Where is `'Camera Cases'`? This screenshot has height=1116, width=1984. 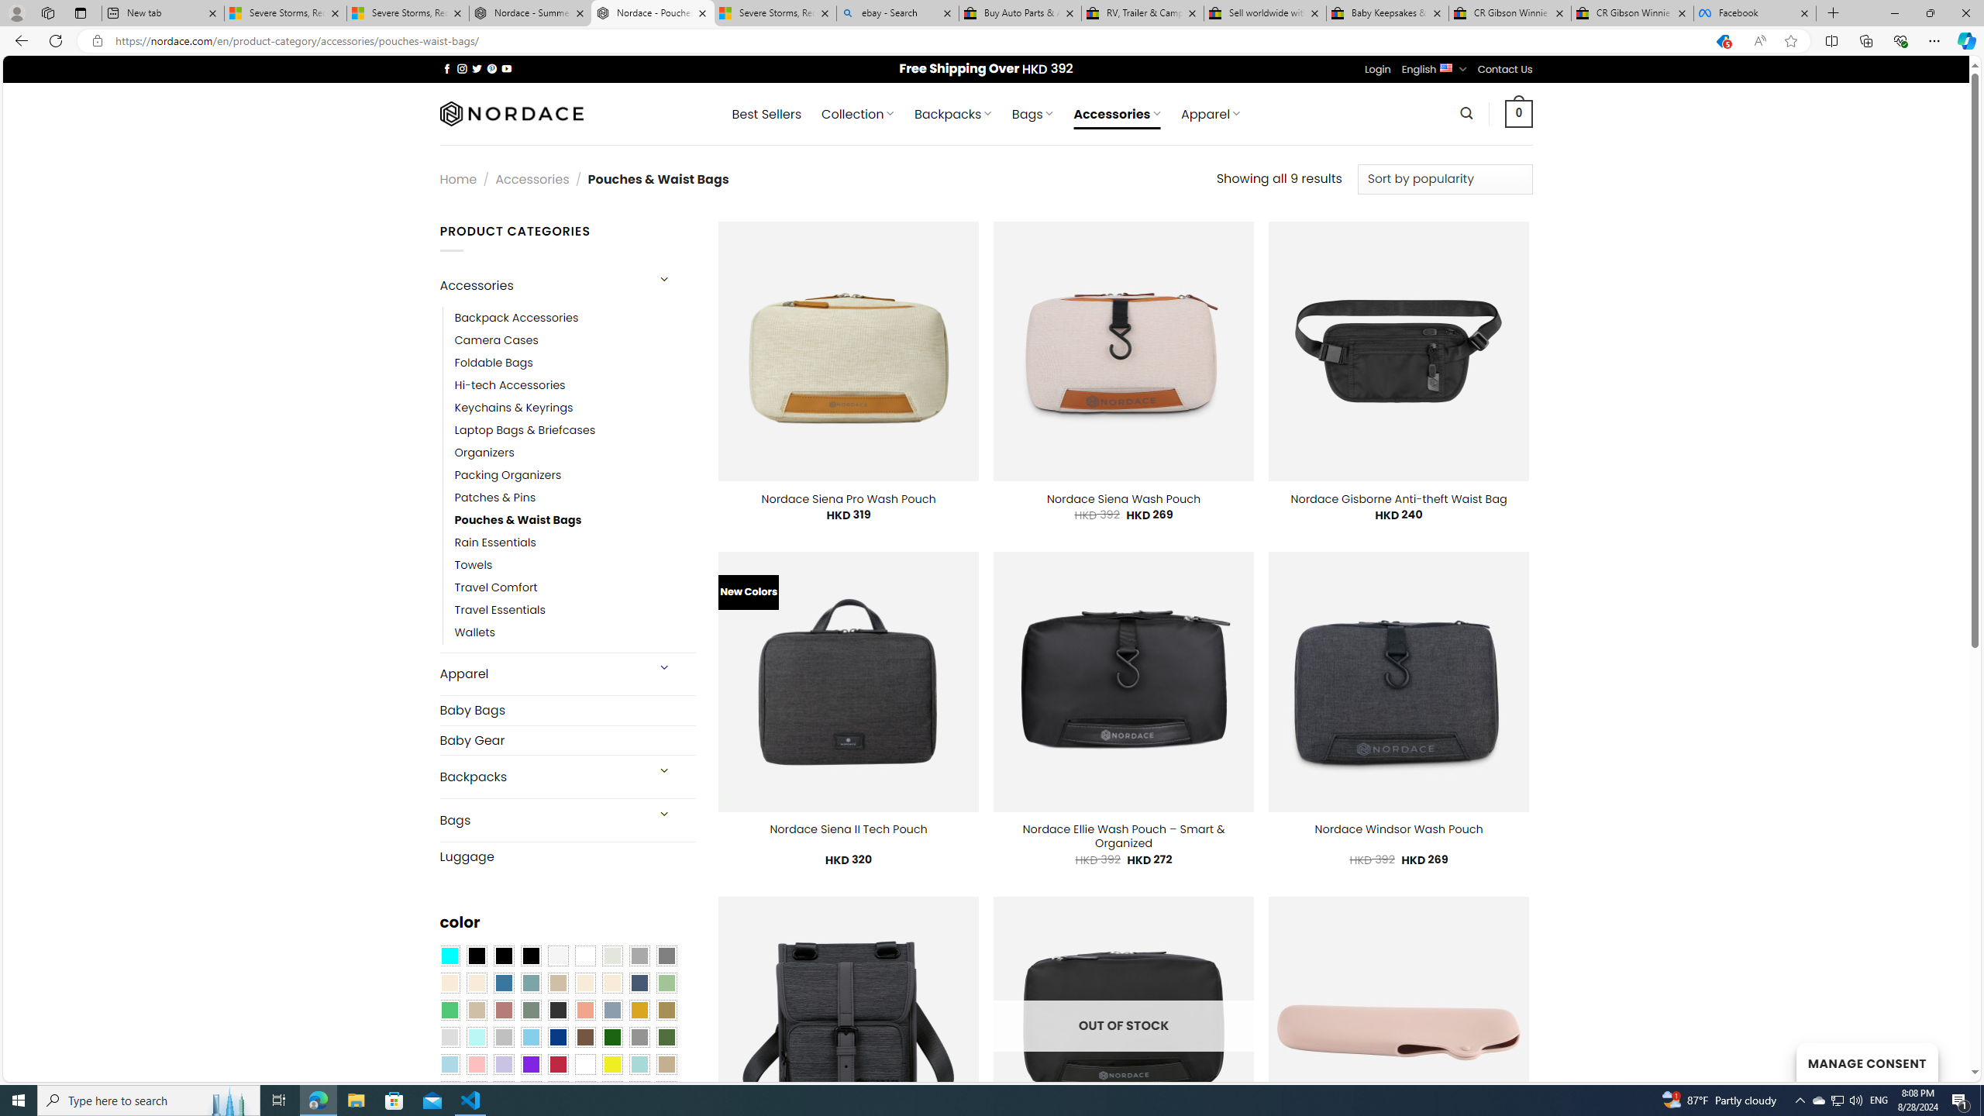 'Camera Cases' is located at coordinates (496, 339).